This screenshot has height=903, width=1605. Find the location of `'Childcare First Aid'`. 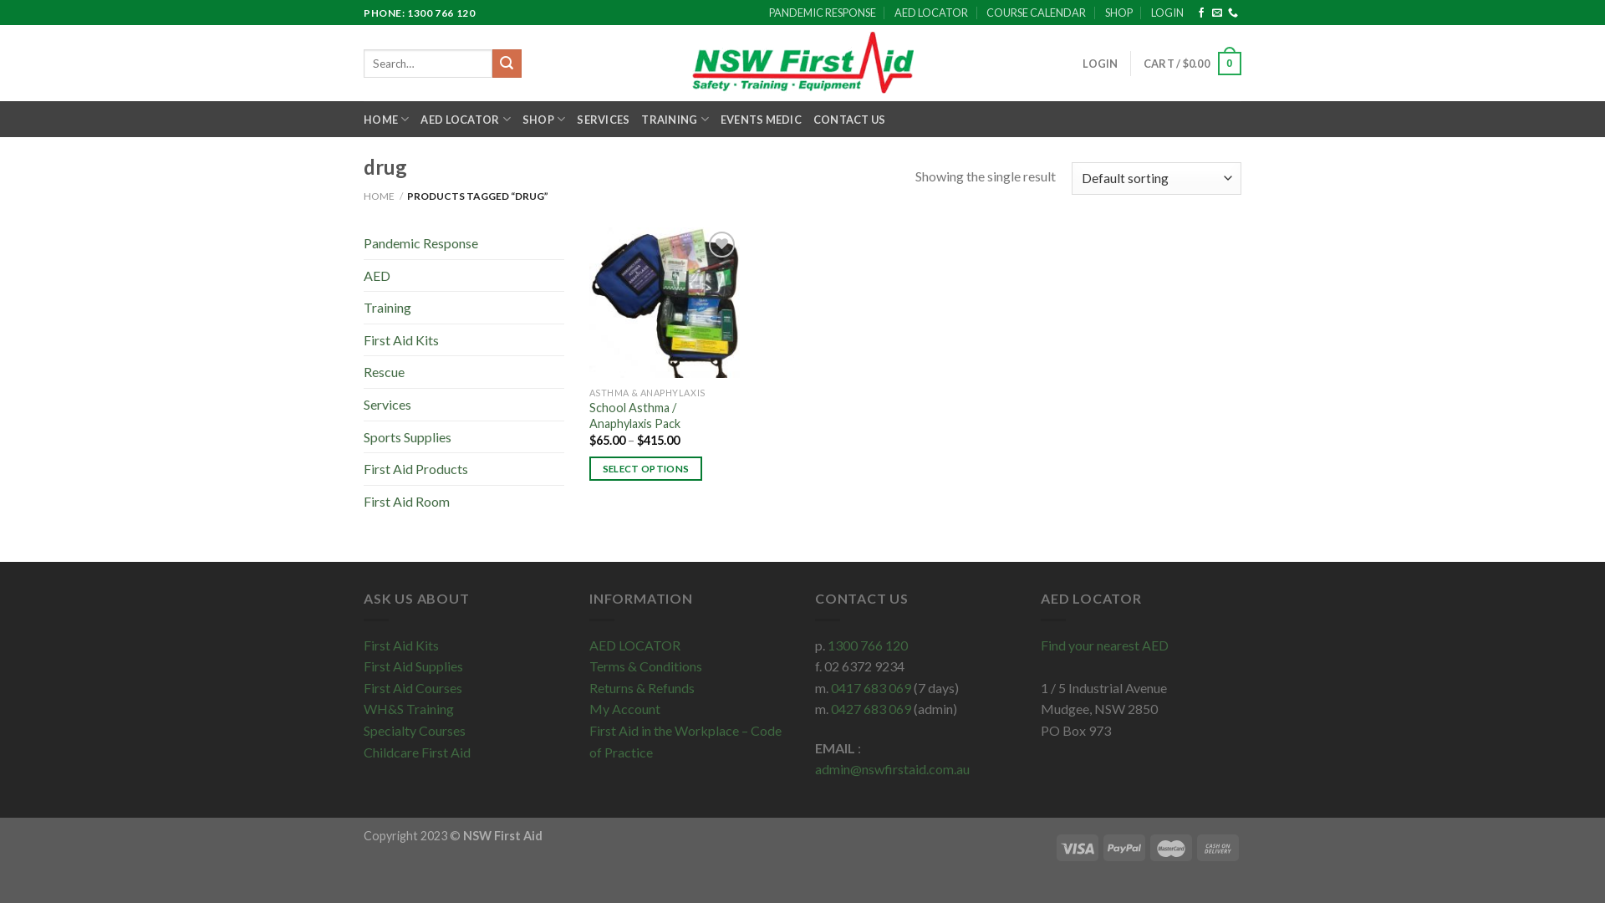

'Childcare First Aid' is located at coordinates (363, 751).